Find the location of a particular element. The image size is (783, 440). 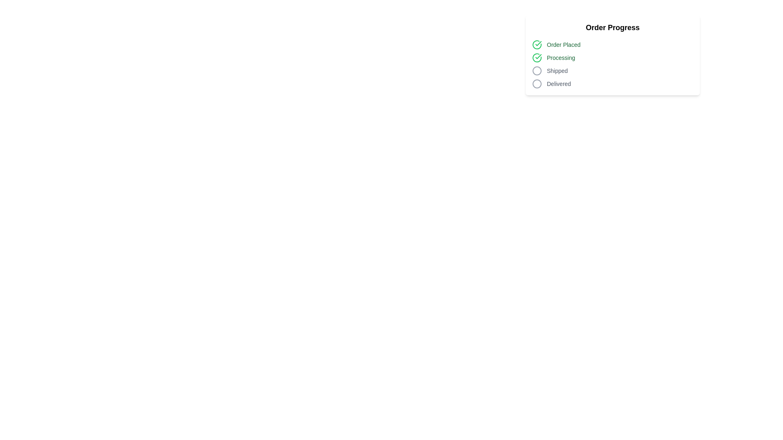

the 'Delivered' stage in the order progress tracker, which is the fourth item in the vertical list under the 'Order Progress' section is located at coordinates (613, 84).